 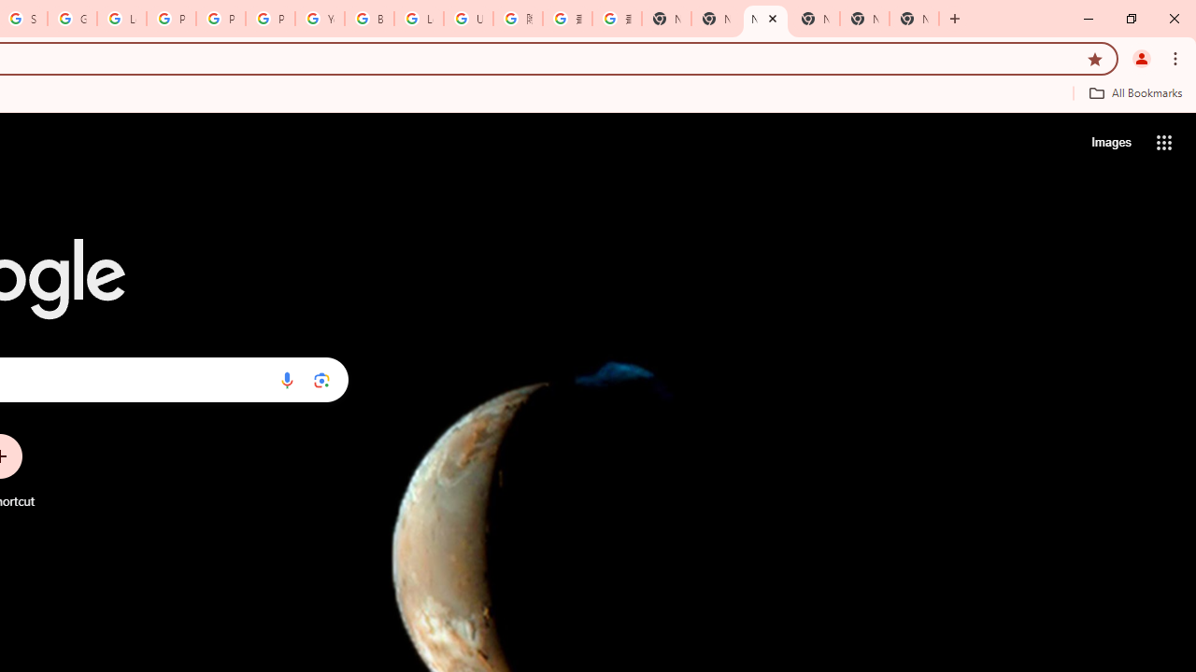 I want to click on 'Search by voice', so click(x=286, y=379).